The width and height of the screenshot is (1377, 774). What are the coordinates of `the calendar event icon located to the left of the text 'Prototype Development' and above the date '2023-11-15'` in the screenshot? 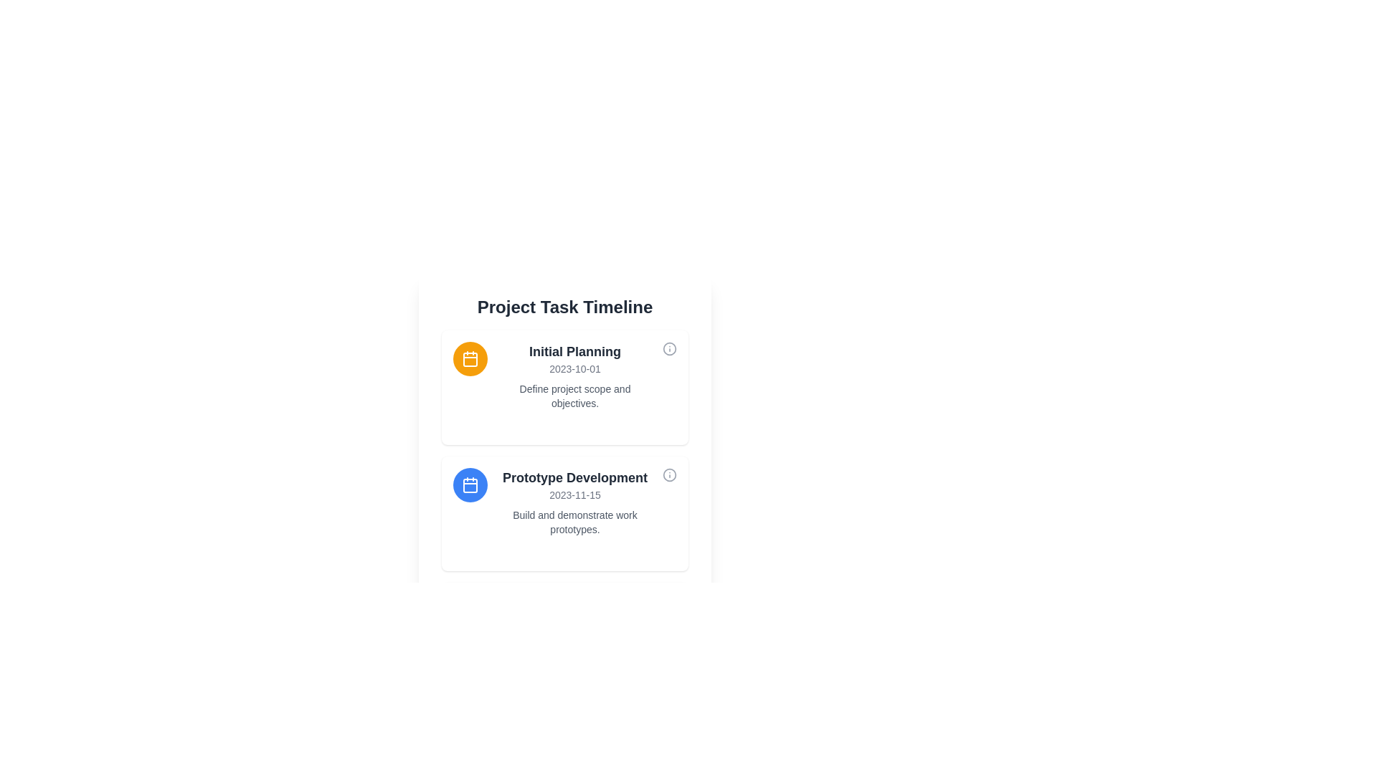 It's located at (470, 484).